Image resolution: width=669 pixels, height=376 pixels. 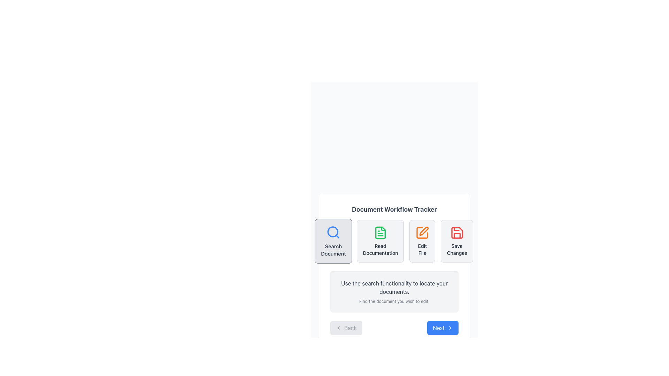 What do you see at coordinates (457, 241) in the screenshot?
I see `the save changes button, which is the fourth button in the 'Document Workflow Tracker' section, located to the right of the 'Edit File' button` at bounding box center [457, 241].